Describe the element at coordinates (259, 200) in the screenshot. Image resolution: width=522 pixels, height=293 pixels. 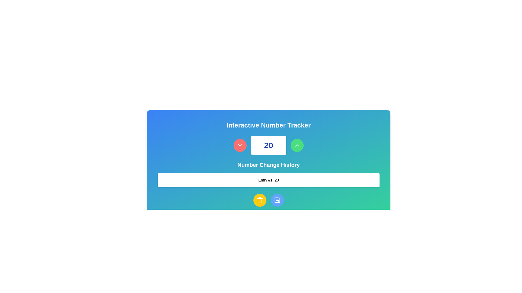
I see `the trash can button icon with a yellow circular background, located at the bottom center of the interface` at that location.